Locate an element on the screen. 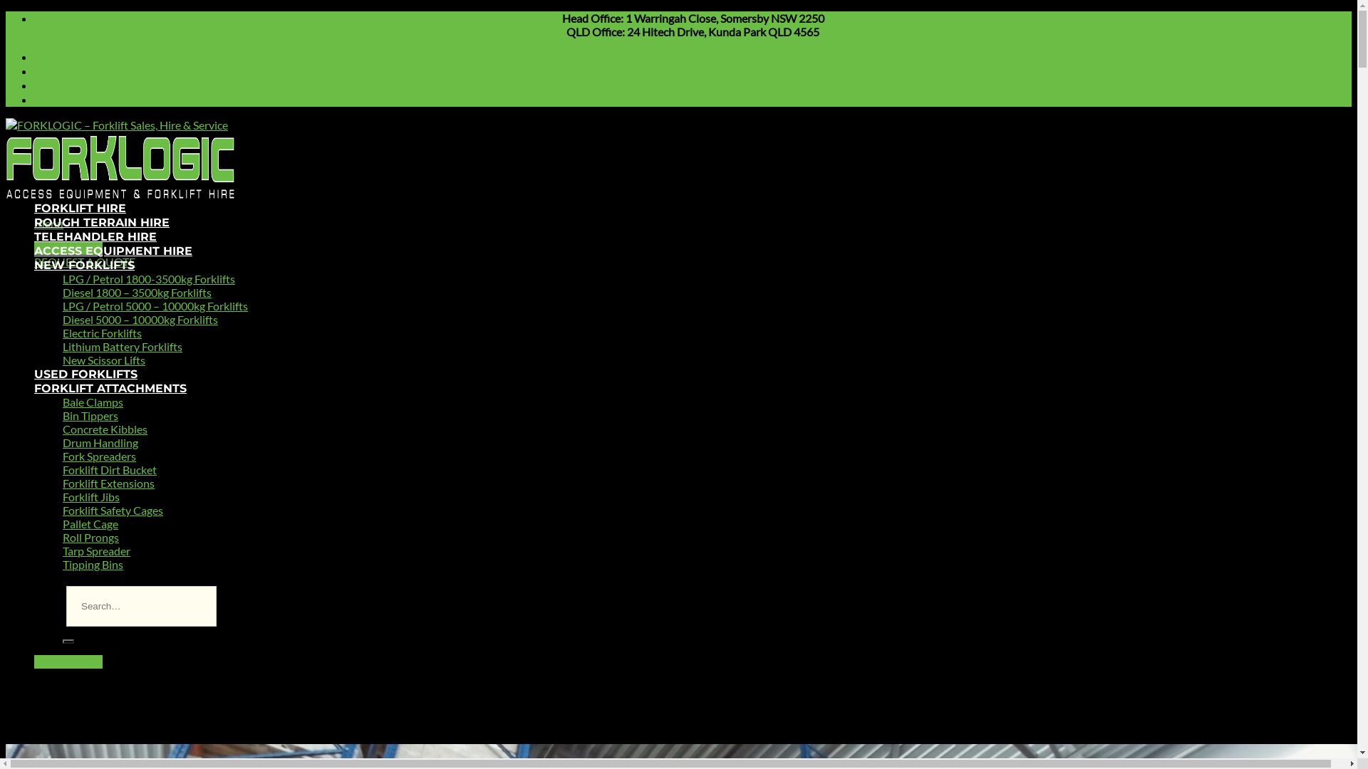 This screenshot has height=769, width=1368. 'NEW FORKLIFTS' is located at coordinates (34, 265).